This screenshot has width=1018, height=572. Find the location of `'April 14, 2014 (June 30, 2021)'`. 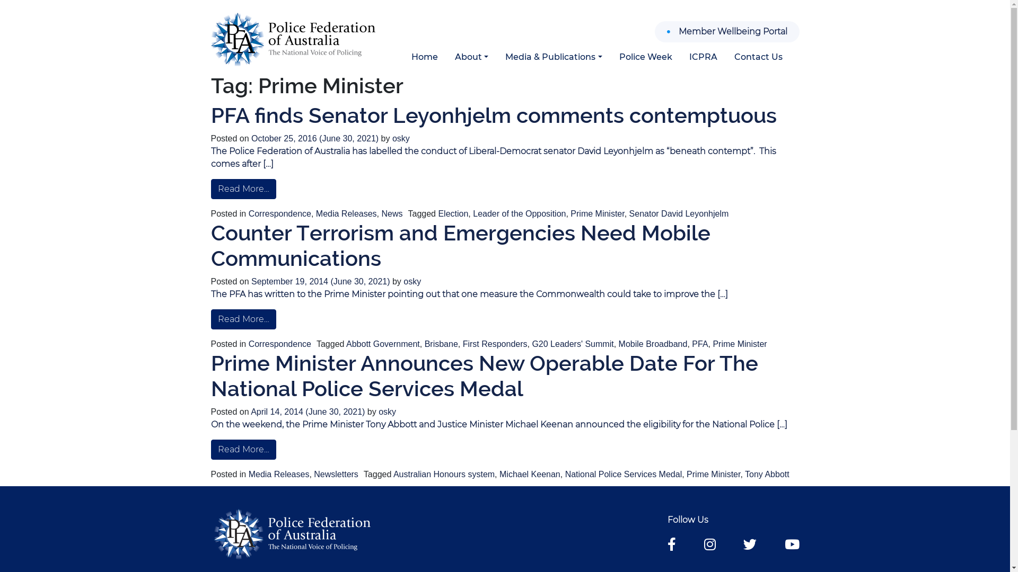

'April 14, 2014 (June 30, 2021)' is located at coordinates (308, 411).